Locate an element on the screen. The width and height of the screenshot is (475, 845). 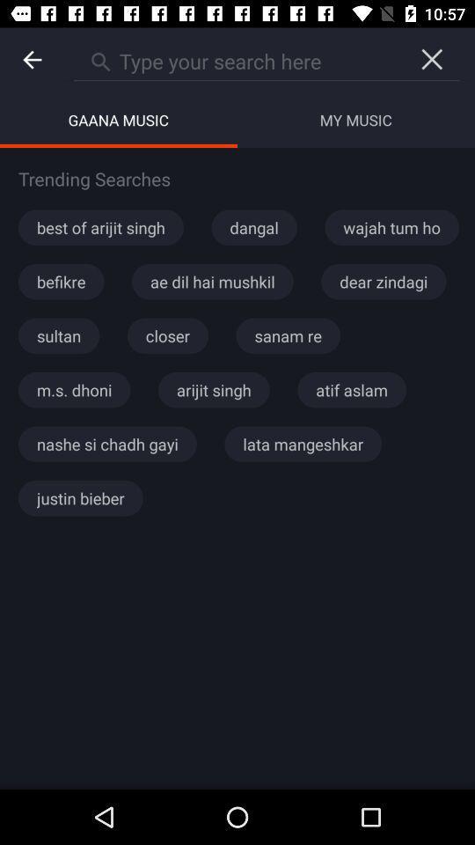
return to previous is located at coordinates (32, 60).